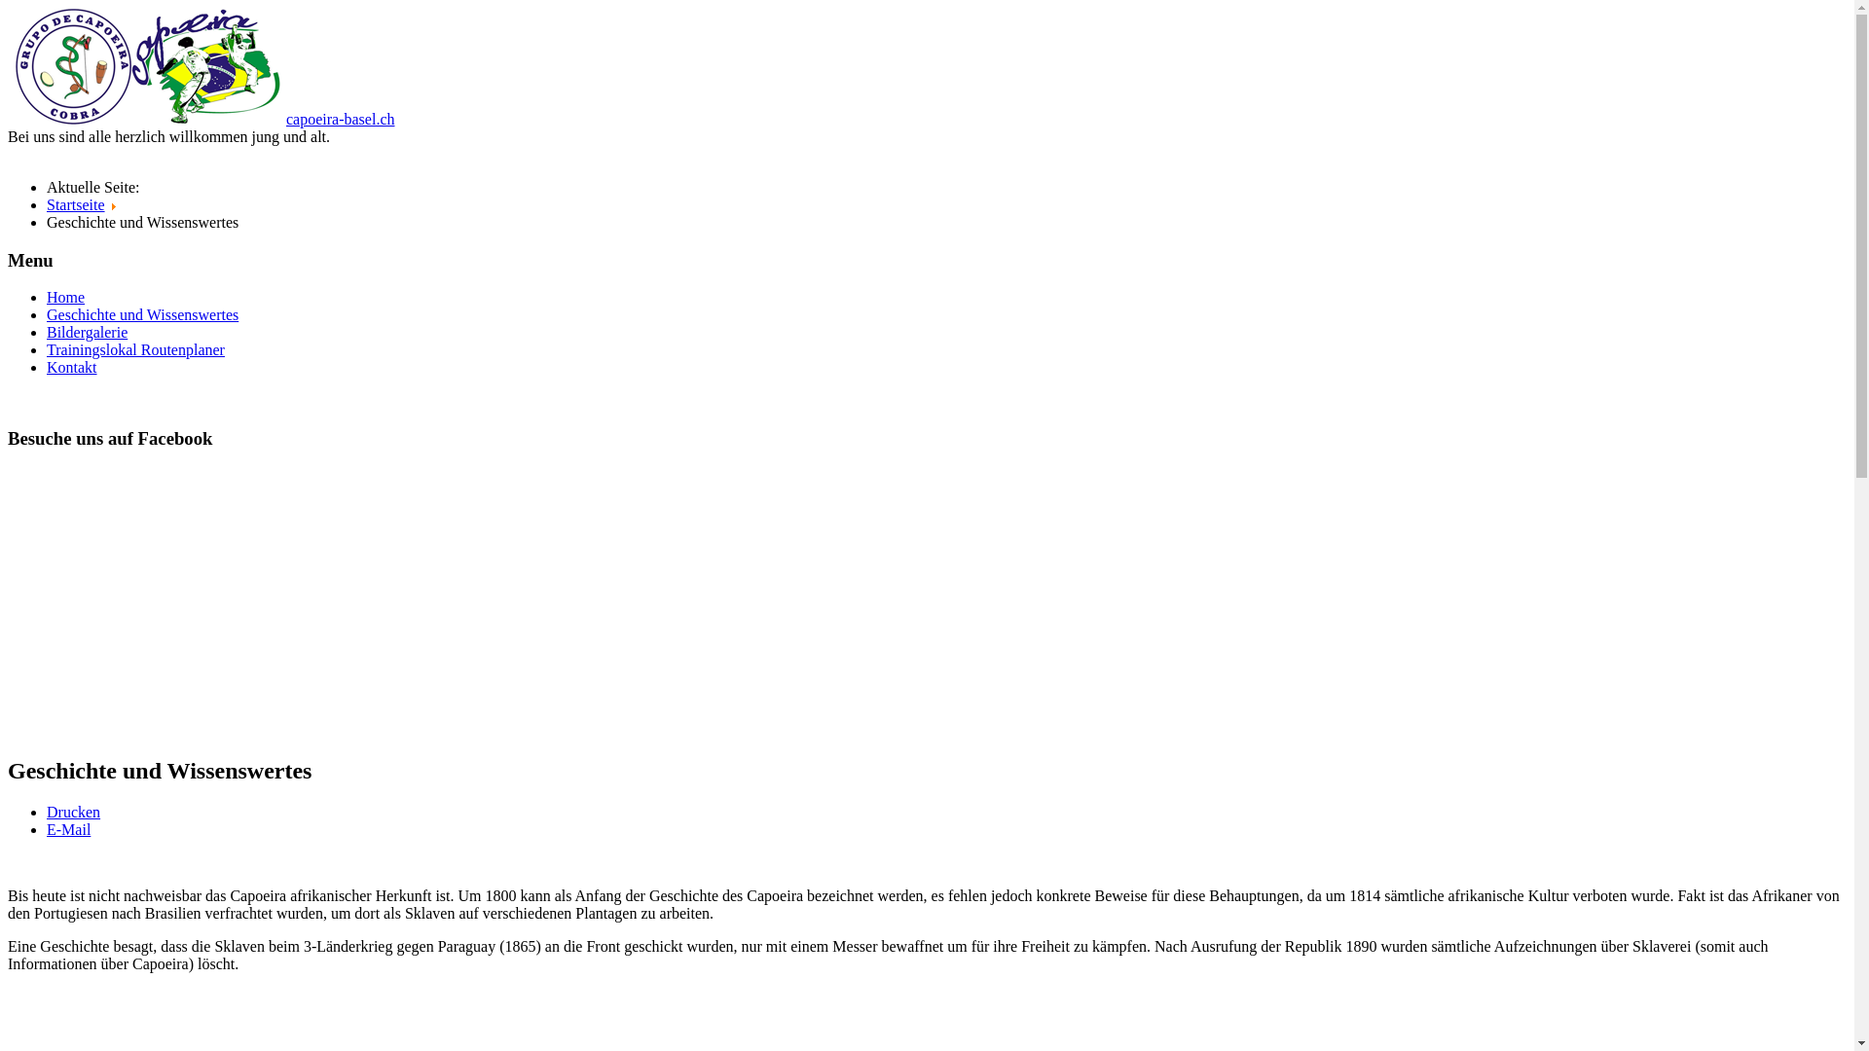 This screenshot has width=1869, height=1051. Describe the element at coordinates (284, 119) in the screenshot. I see `'capoeira-basel.ch'` at that location.